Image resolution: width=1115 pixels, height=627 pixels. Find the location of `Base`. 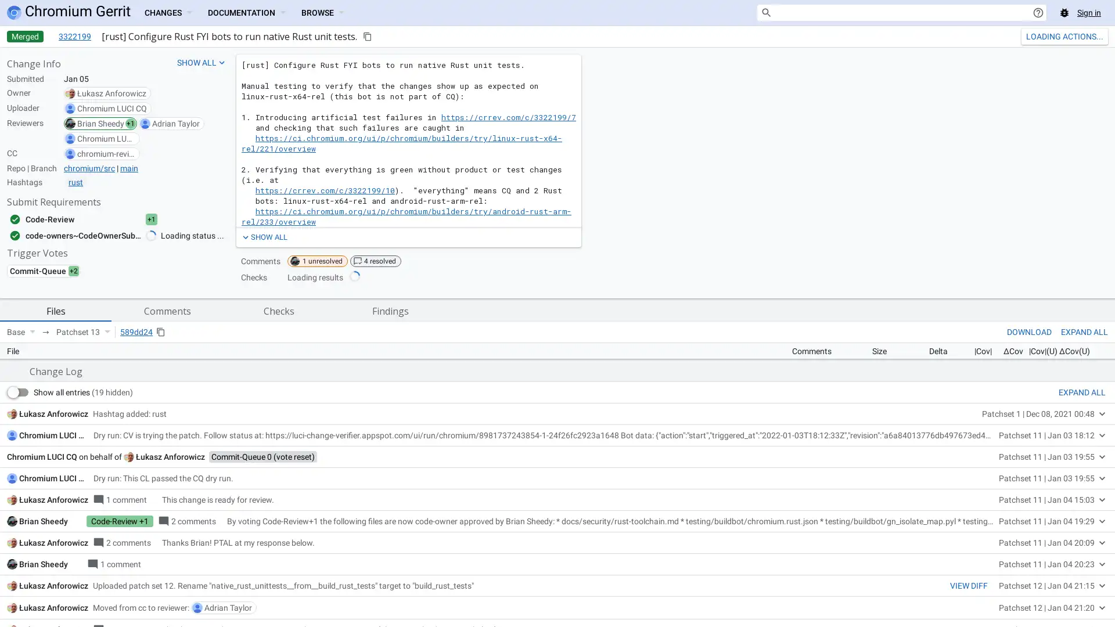

Base is located at coordinates (21, 331).